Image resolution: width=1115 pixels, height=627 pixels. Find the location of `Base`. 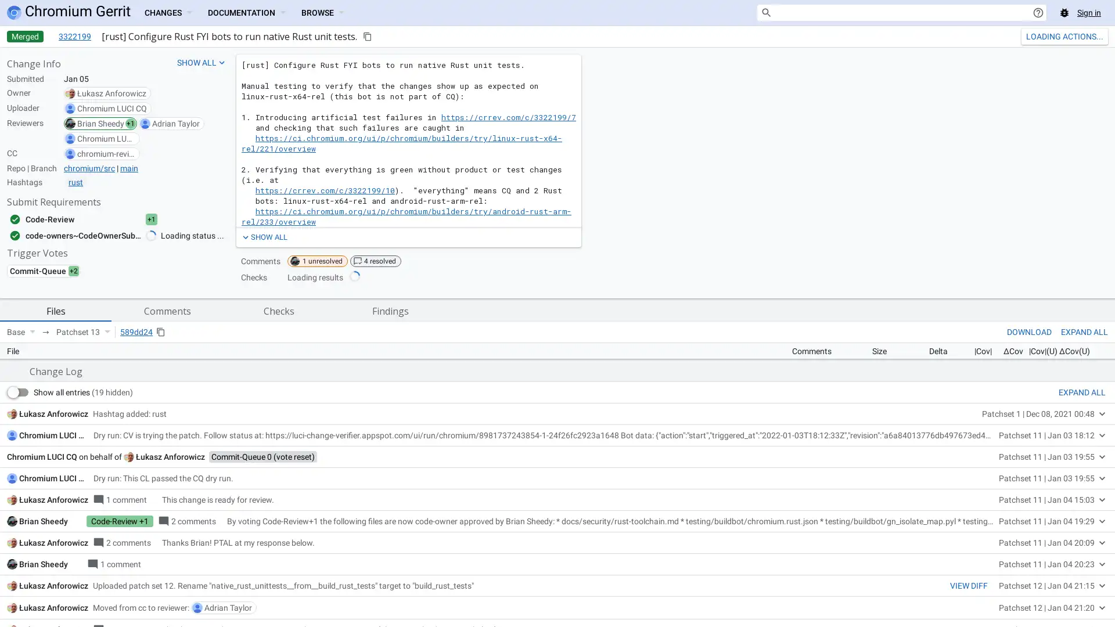

Base is located at coordinates (21, 331).